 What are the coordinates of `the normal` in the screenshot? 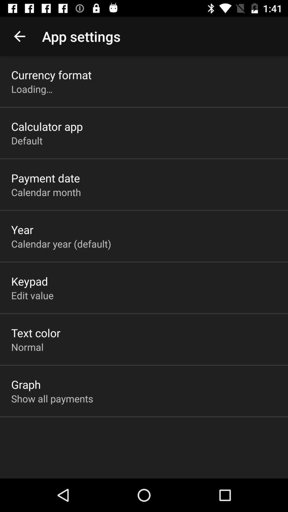 It's located at (27, 347).